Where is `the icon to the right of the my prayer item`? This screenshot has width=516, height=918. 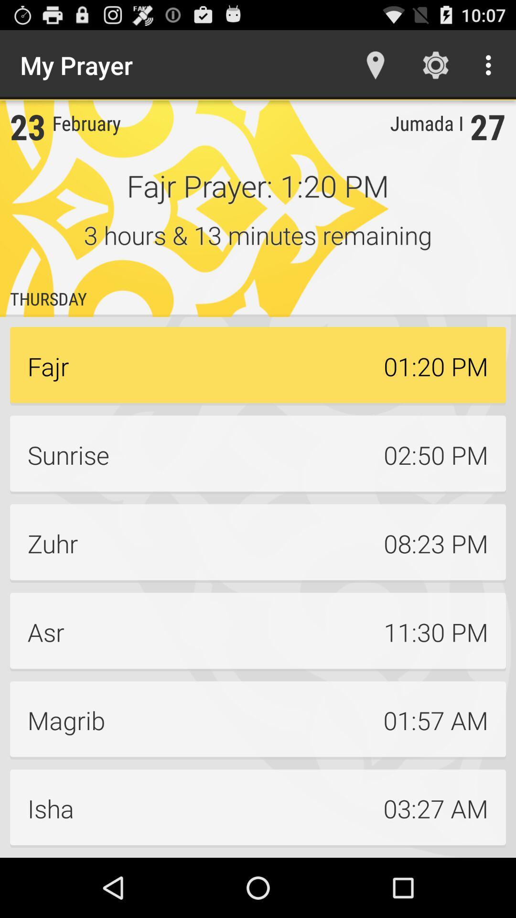 the icon to the right of the my prayer item is located at coordinates (375, 65).